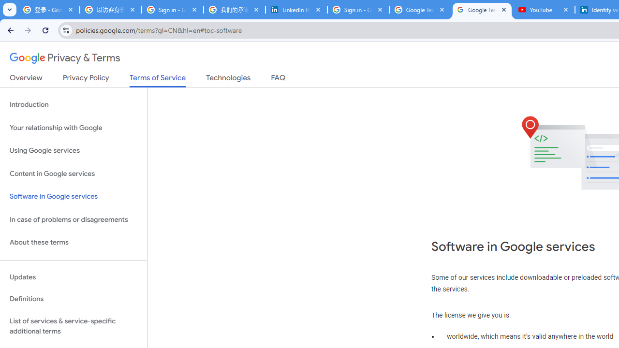 Image resolution: width=619 pixels, height=348 pixels. What do you see at coordinates (296, 10) in the screenshot?
I see `'LinkedIn Privacy Policy'` at bounding box center [296, 10].